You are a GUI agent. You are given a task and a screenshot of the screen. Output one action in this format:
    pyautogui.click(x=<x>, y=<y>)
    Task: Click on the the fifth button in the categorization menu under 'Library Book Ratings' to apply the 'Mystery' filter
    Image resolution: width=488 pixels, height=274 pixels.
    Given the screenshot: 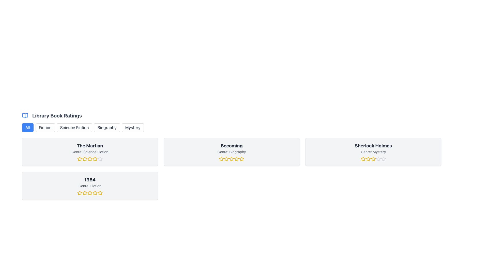 What is the action you would take?
    pyautogui.click(x=133, y=127)
    